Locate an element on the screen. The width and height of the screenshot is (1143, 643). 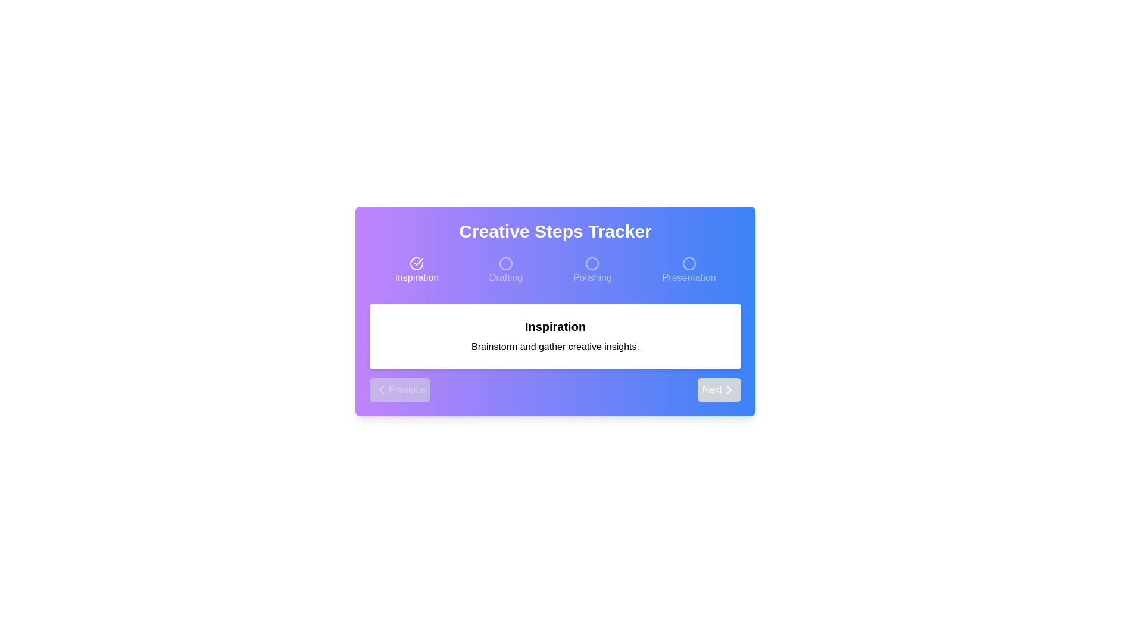
the step circle corresponding to Polishing to view its details is located at coordinates (592, 271).